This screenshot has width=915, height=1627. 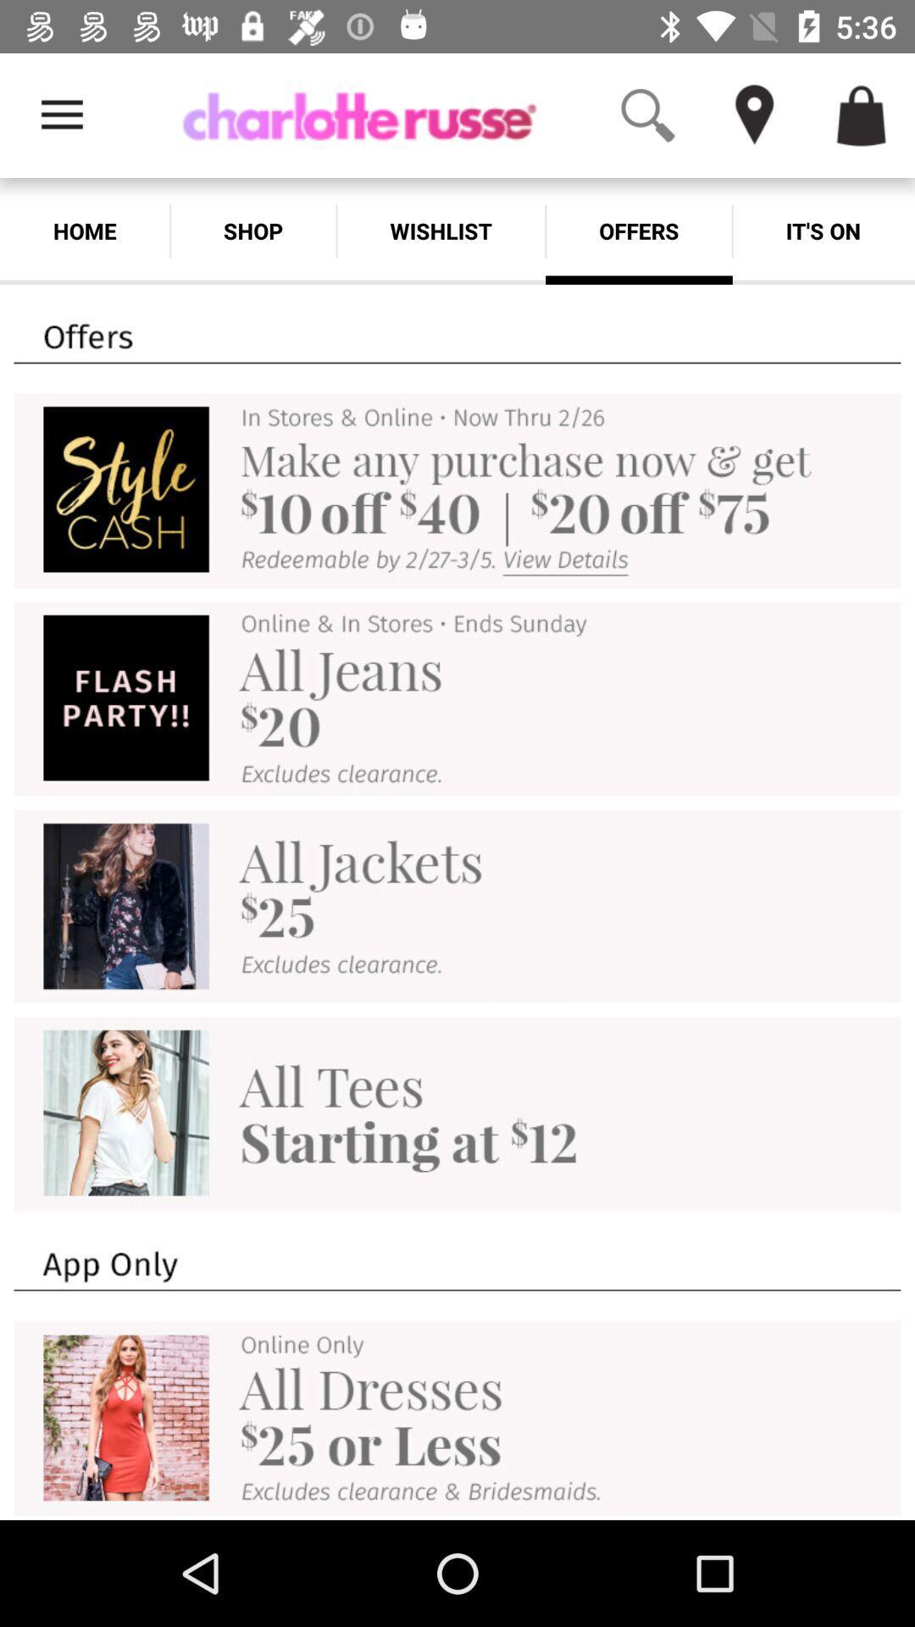 What do you see at coordinates (862, 114) in the screenshot?
I see `shopping bag` at bounding box center [862, 114].